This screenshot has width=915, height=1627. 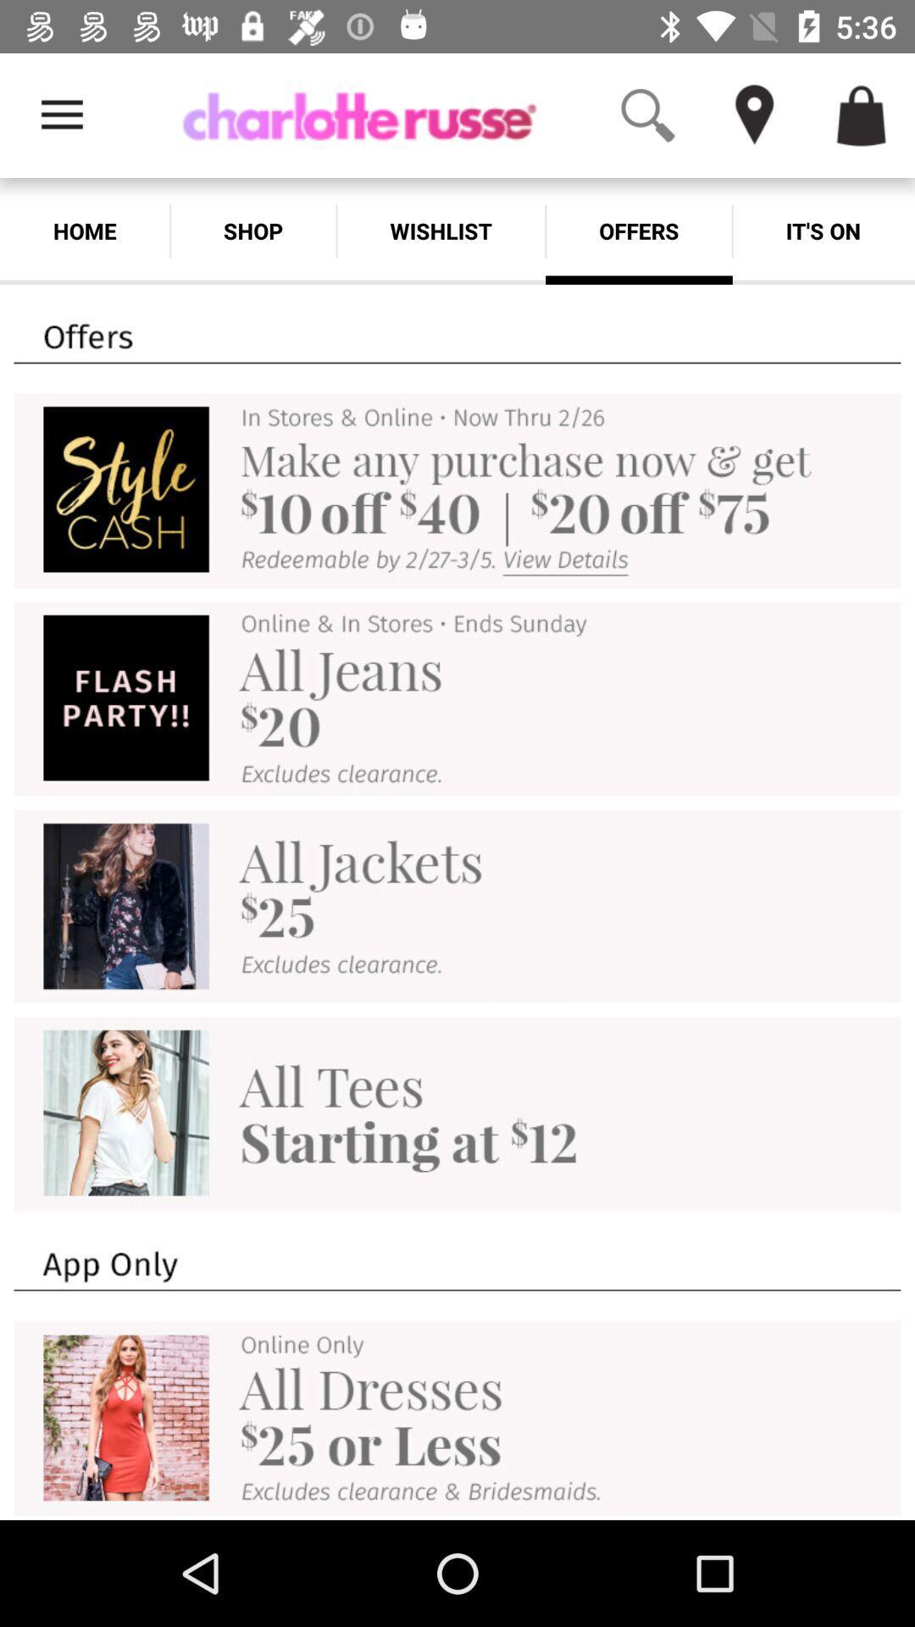 What do you see at coordinates (862, 114) in the screenshot?
I see `shopping bag` at bounding box center [862, 114].